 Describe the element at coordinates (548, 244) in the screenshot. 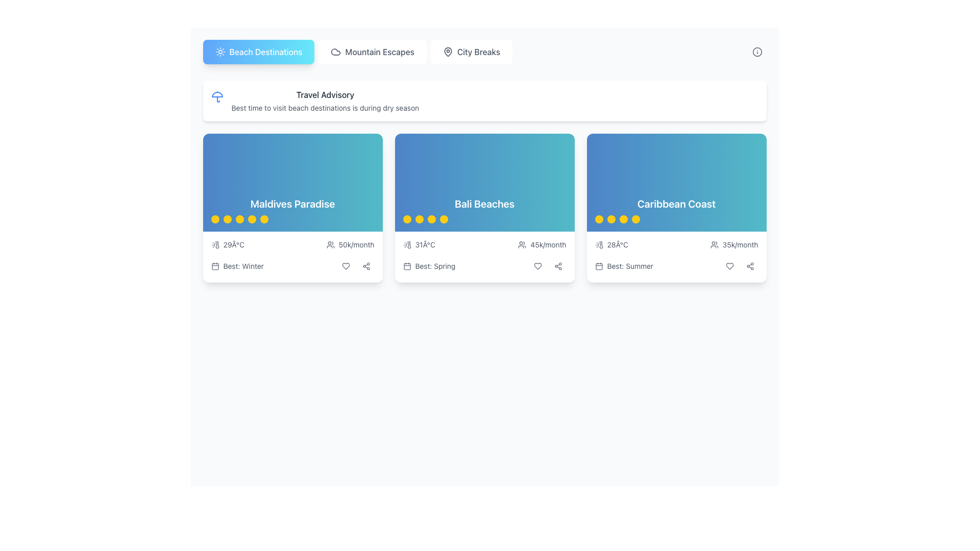

I see `the text label displaying '45k/month' in gray color, located in the metadata row below the 'Bali Beaches' card` at that location.